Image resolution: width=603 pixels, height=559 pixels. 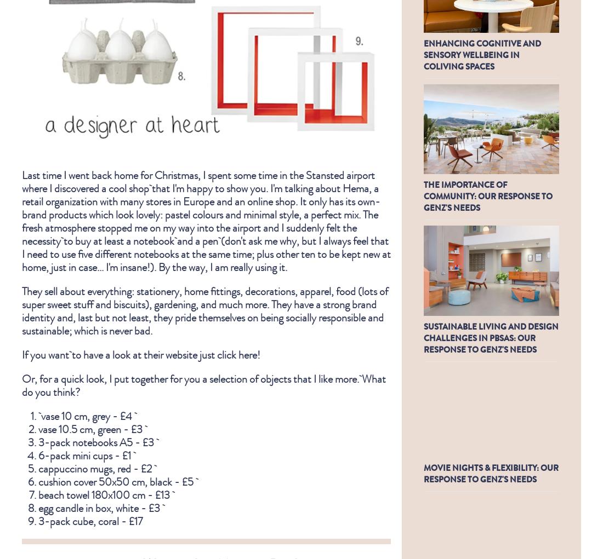 I want to click on 'Or, for a quick look, I put together for you a selection of objects that I like more. What do you think?', so click(x=21, y=384).